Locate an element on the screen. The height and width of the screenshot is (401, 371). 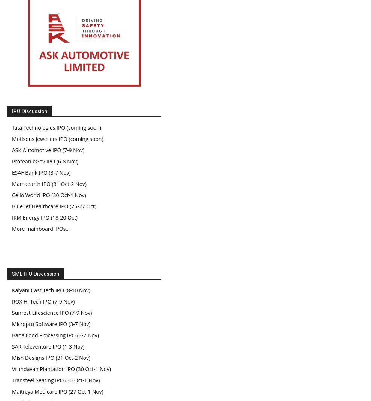
'Sunrest Lifescience IPO (7-9 Nov)' is located at coordinates (51, 312).